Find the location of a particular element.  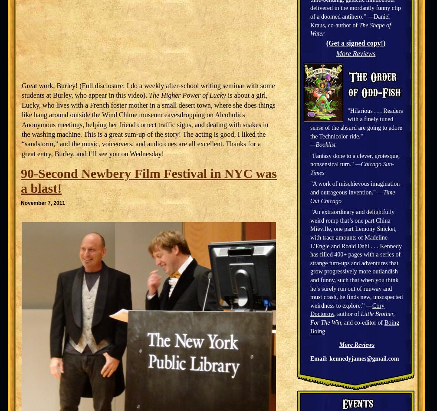

'—Chicago Sun-Times' is located at coordinates (352, 168).